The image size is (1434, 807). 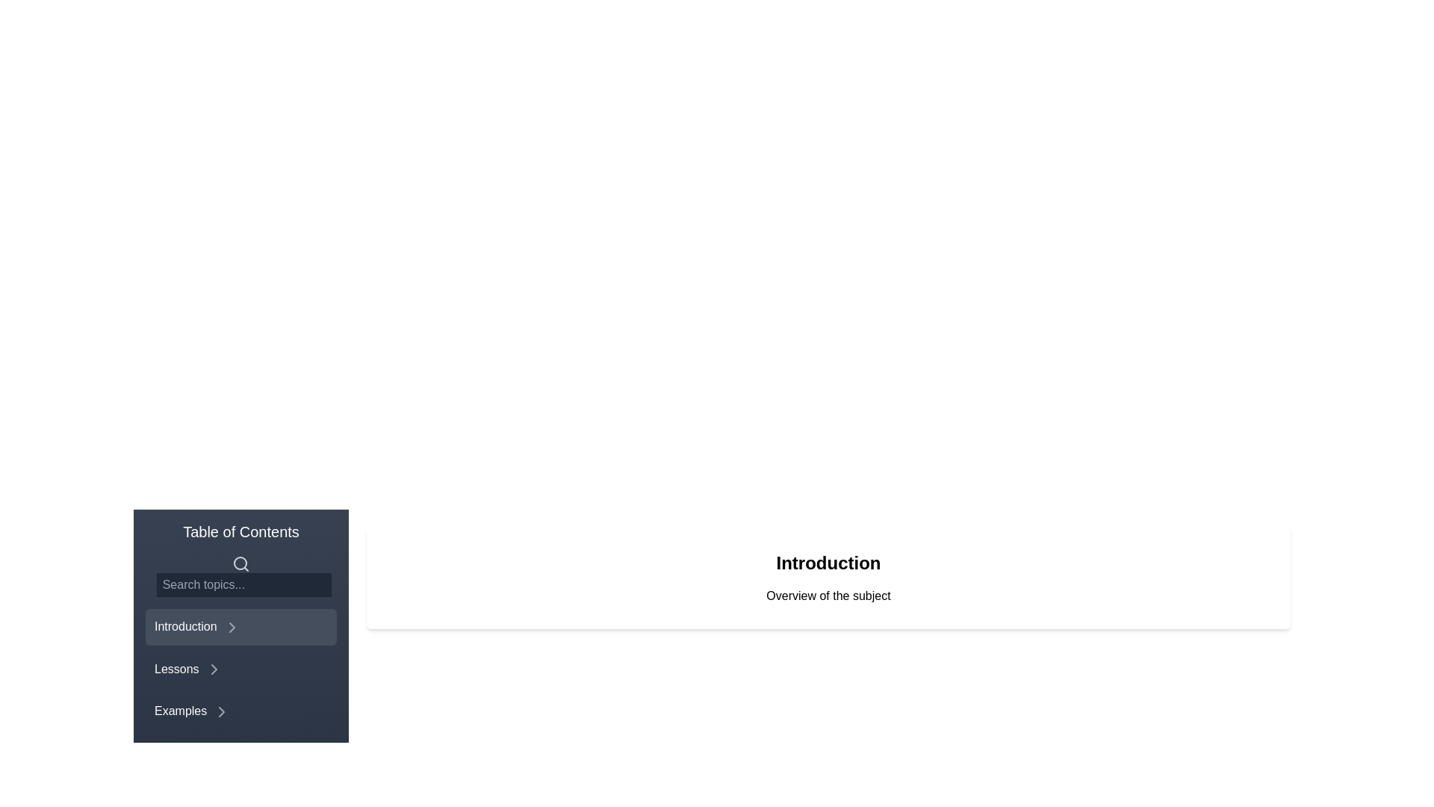 What do you see at coordinates (240, 627) in the screenshot?
I see `the 'Introduction' button with a dark gray background and white text for accessibility navigation` at bounding box center [240, 627].